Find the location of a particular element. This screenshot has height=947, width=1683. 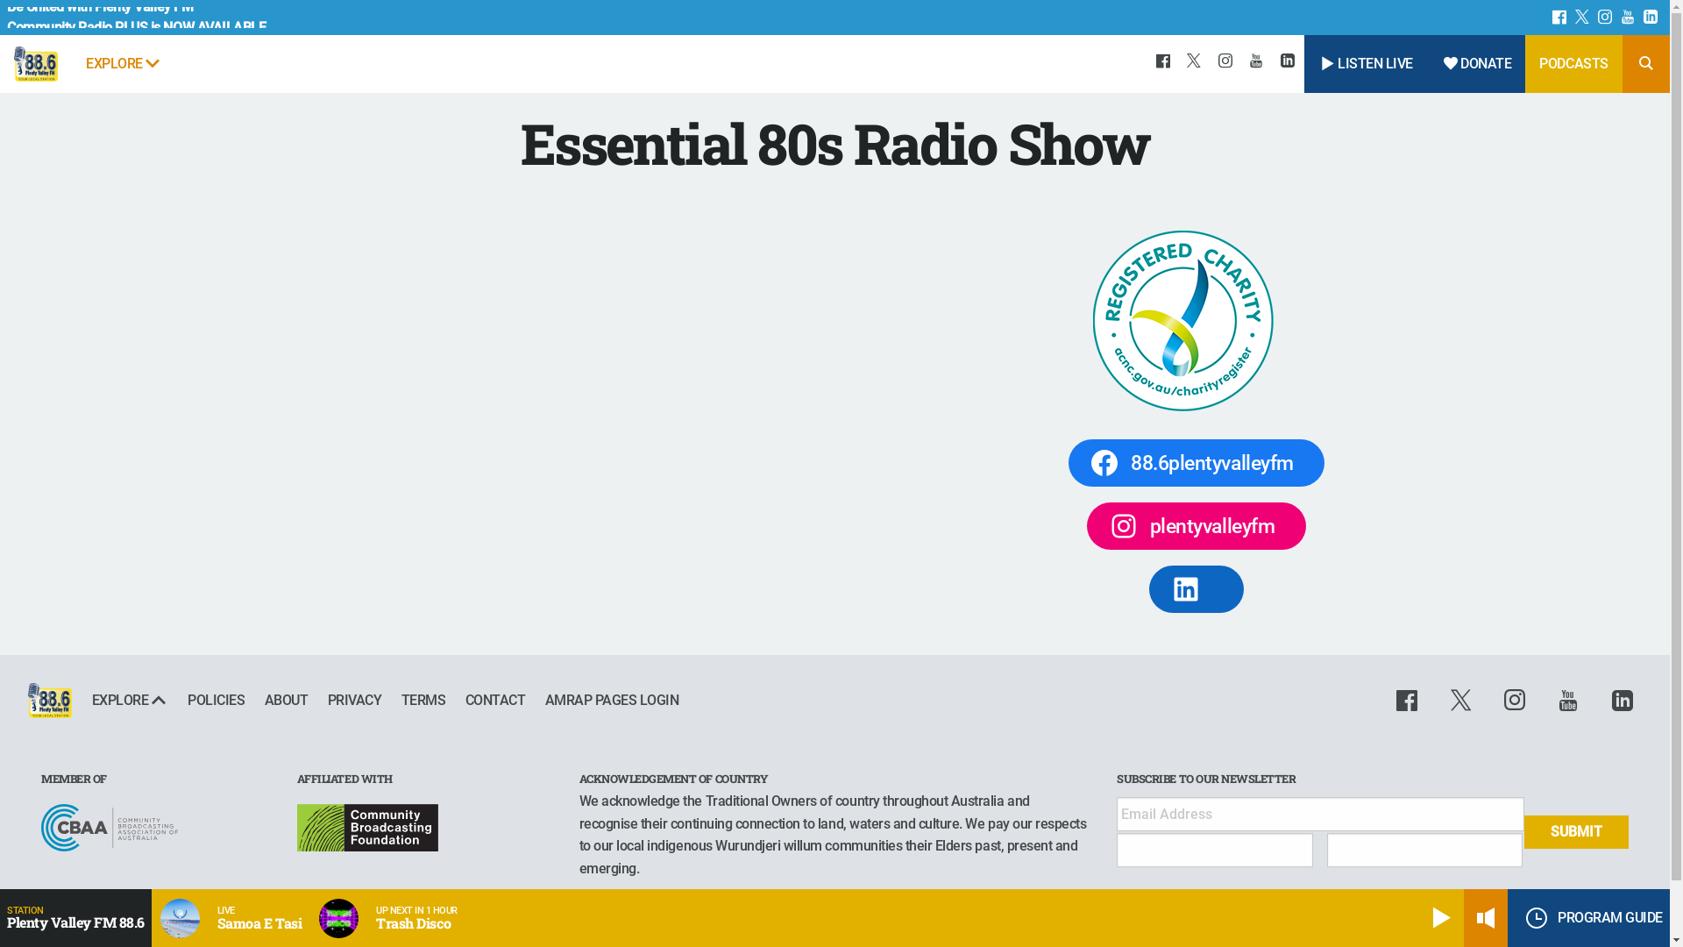

'CONTACT' is located at coordinates (494, 699).